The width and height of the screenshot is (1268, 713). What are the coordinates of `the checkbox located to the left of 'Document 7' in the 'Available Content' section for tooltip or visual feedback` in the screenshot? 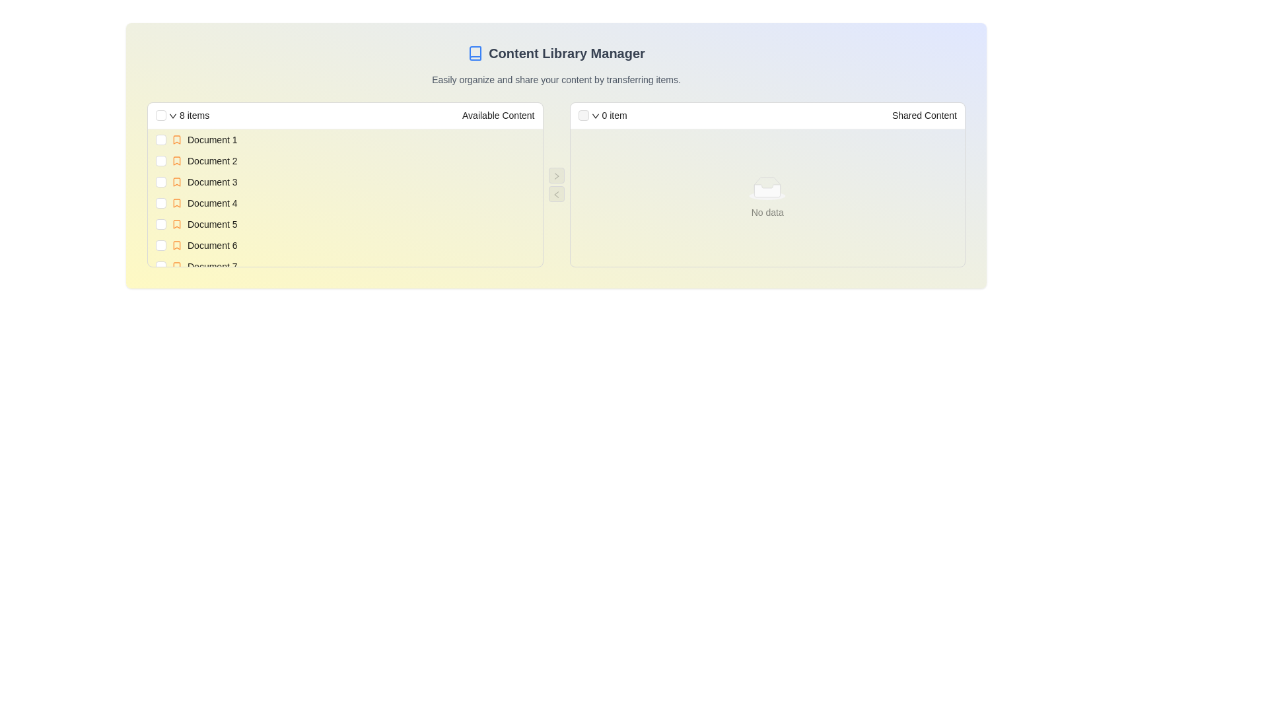 It's located at (160, 267).